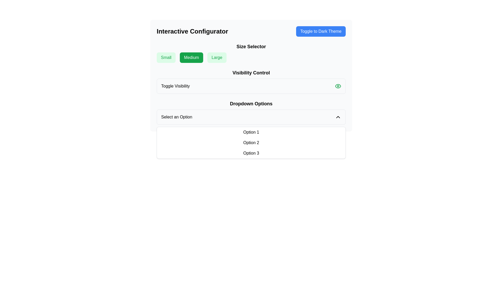 This screenshot has width=504, height=283. I want to click on the 'Large' size button in the 'Size Selector' button group, so click(217, 57).